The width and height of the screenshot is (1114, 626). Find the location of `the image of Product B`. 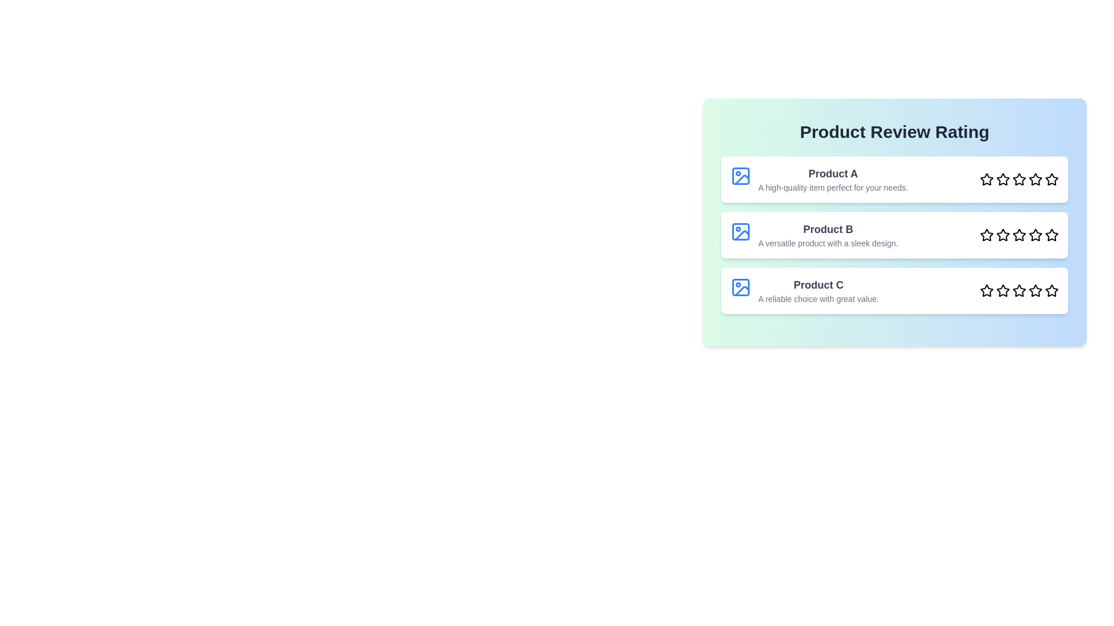

the image of Product B is located at coordinates (740, 232).